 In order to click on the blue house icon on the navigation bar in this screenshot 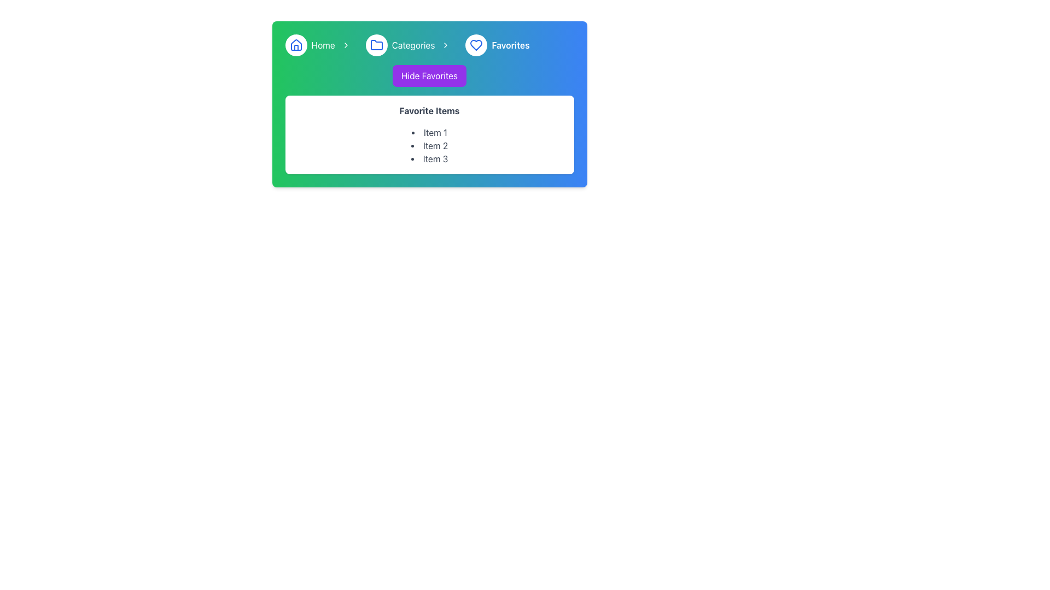, I will do `click(296, 45)`.